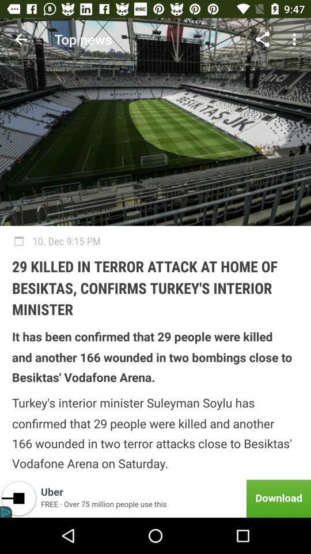  I want to click on the icon to the right of top news, so click(262, 39).